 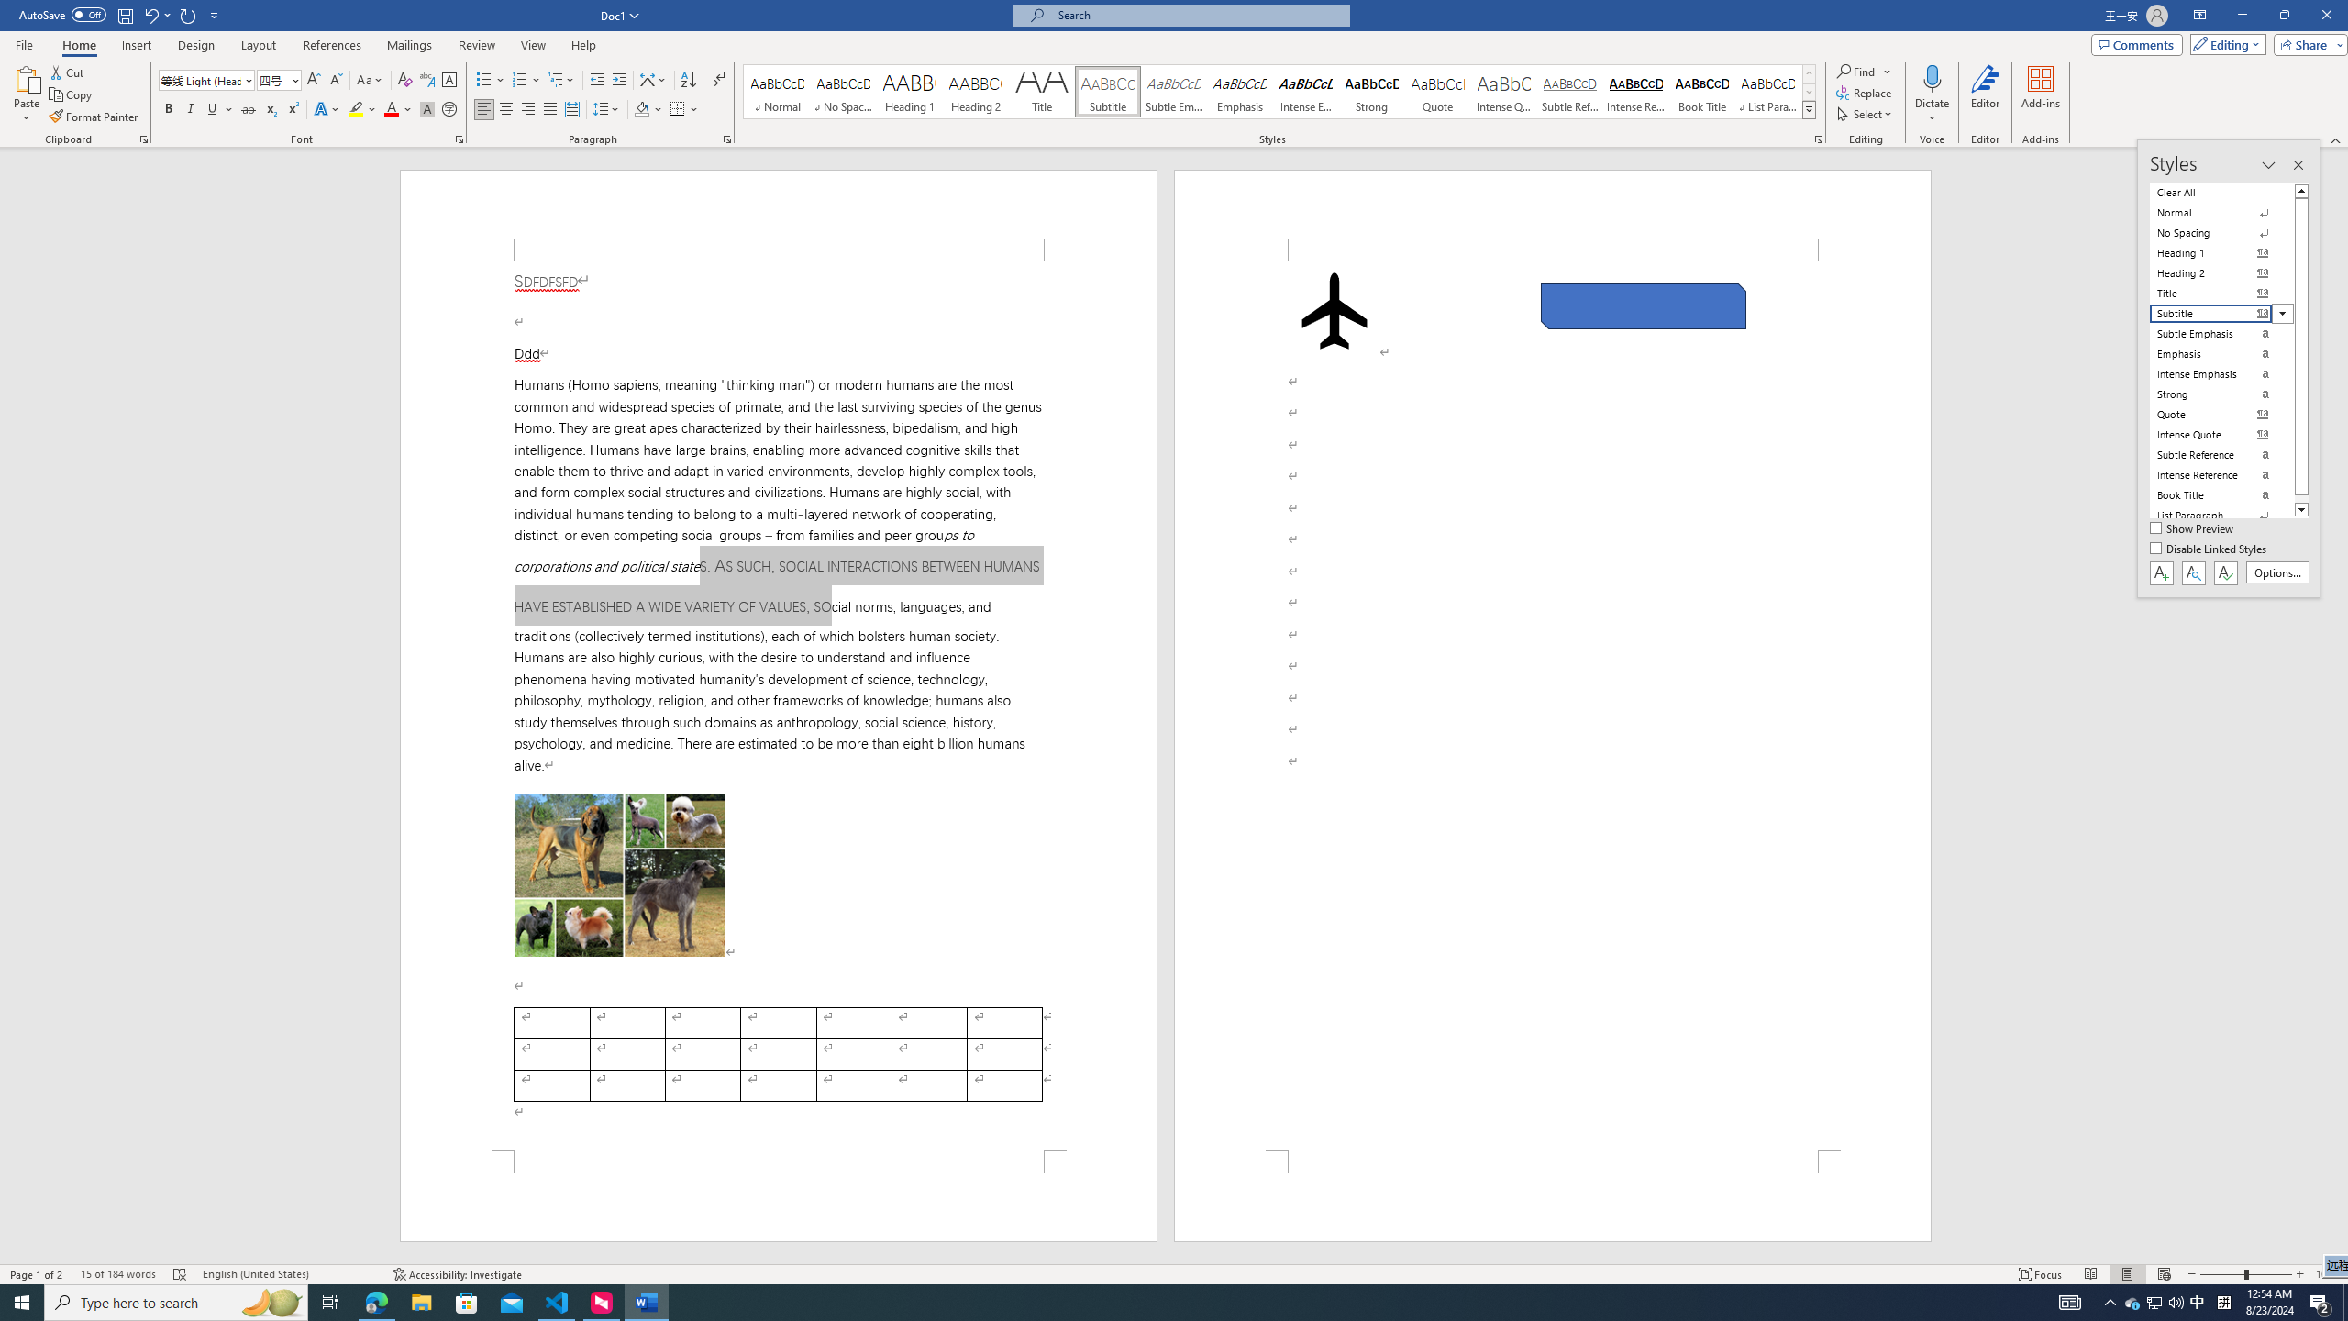 I want to click on 'Web Layout', so click(x=2165, y=1274).